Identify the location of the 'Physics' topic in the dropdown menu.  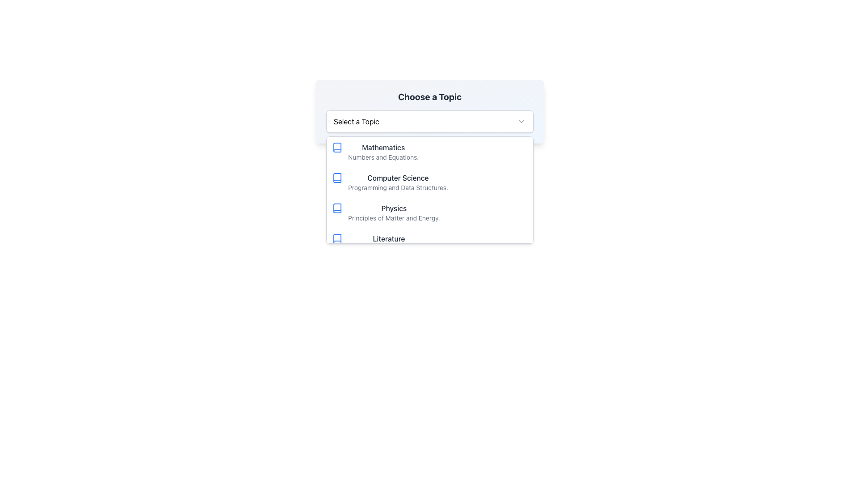
(393, 212).